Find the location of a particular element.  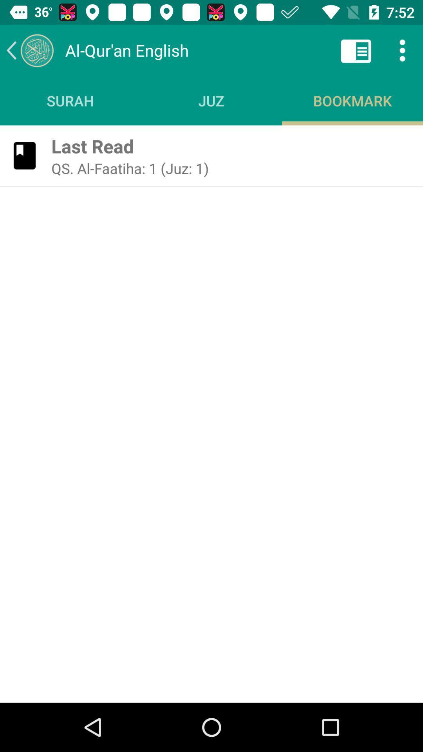

the item next to al qur an icon is located at coordinates (356, 50).